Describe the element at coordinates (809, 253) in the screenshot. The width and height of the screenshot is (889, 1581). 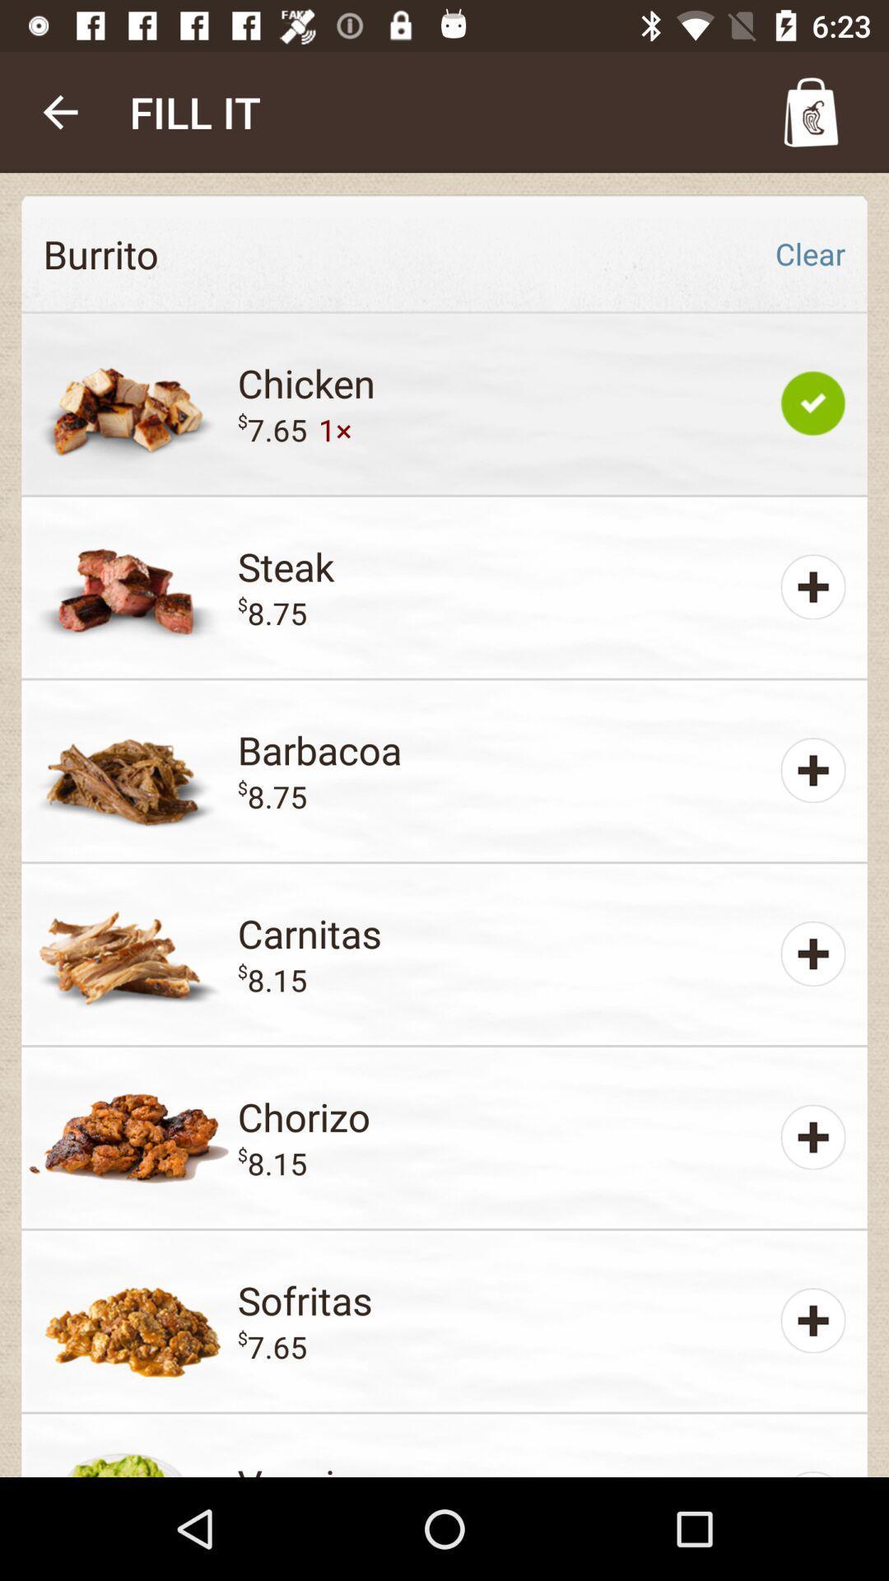
I see `the item to the right of the burrito` at that location.